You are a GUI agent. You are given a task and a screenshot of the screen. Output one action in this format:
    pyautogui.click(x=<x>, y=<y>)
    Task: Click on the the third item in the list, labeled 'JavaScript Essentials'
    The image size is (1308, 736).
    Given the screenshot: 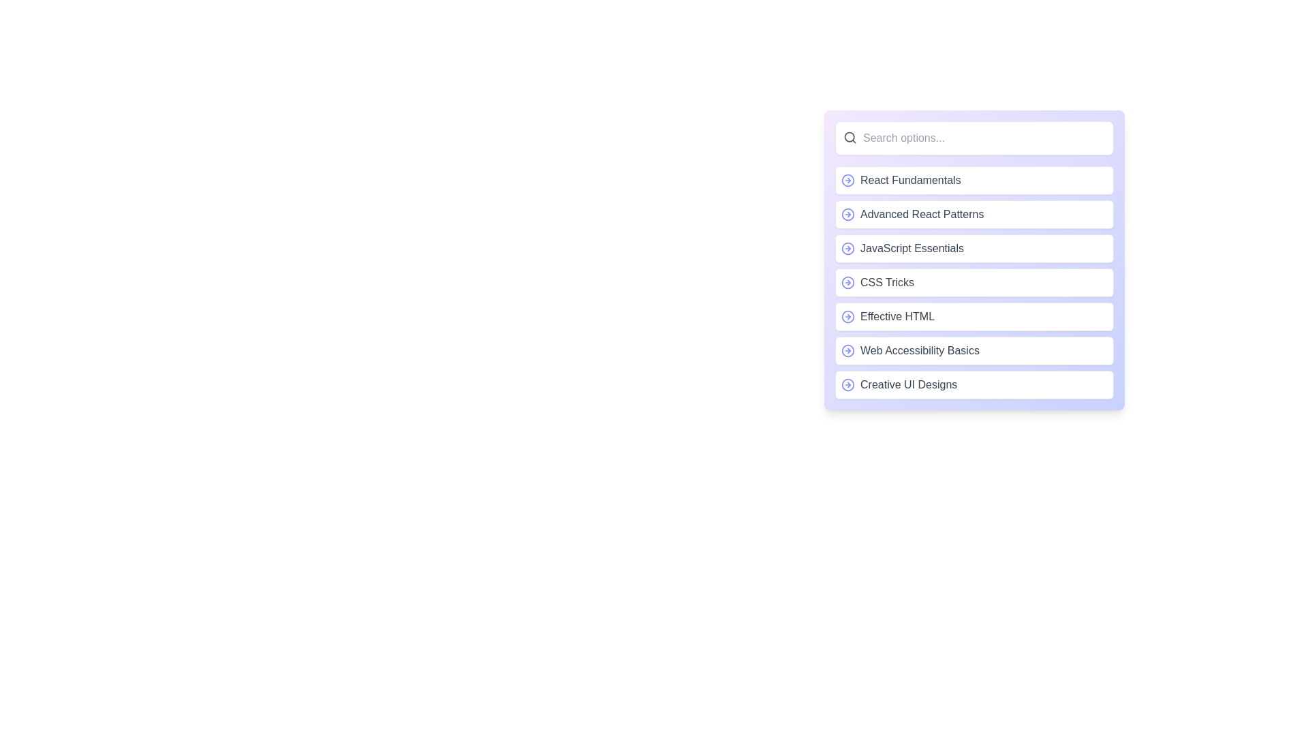 What is the action you would take?
    pyautogui.click(x=974, y=249)
    